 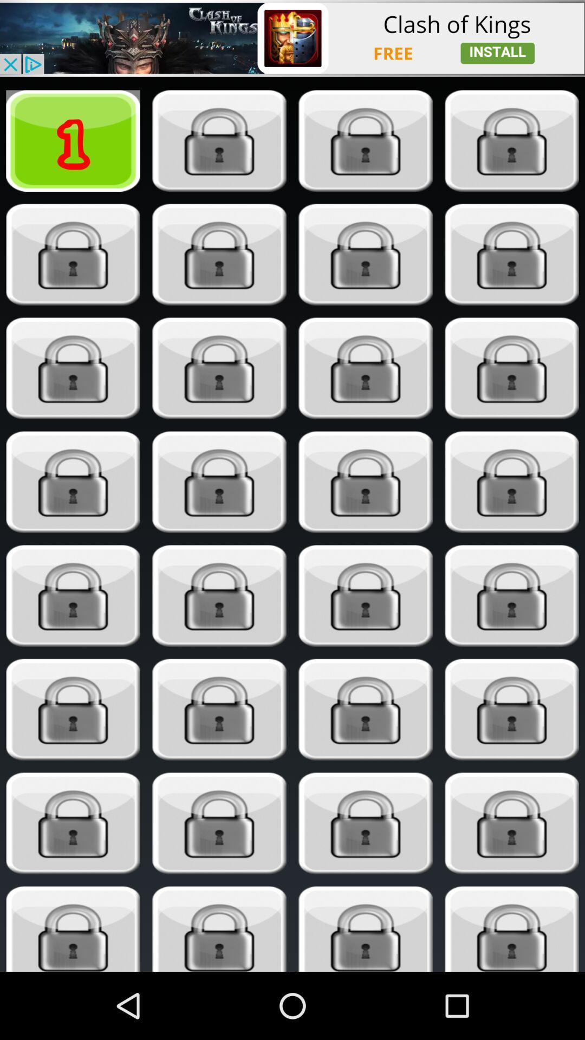 I want to click on look here, so click(x=219, y=823).